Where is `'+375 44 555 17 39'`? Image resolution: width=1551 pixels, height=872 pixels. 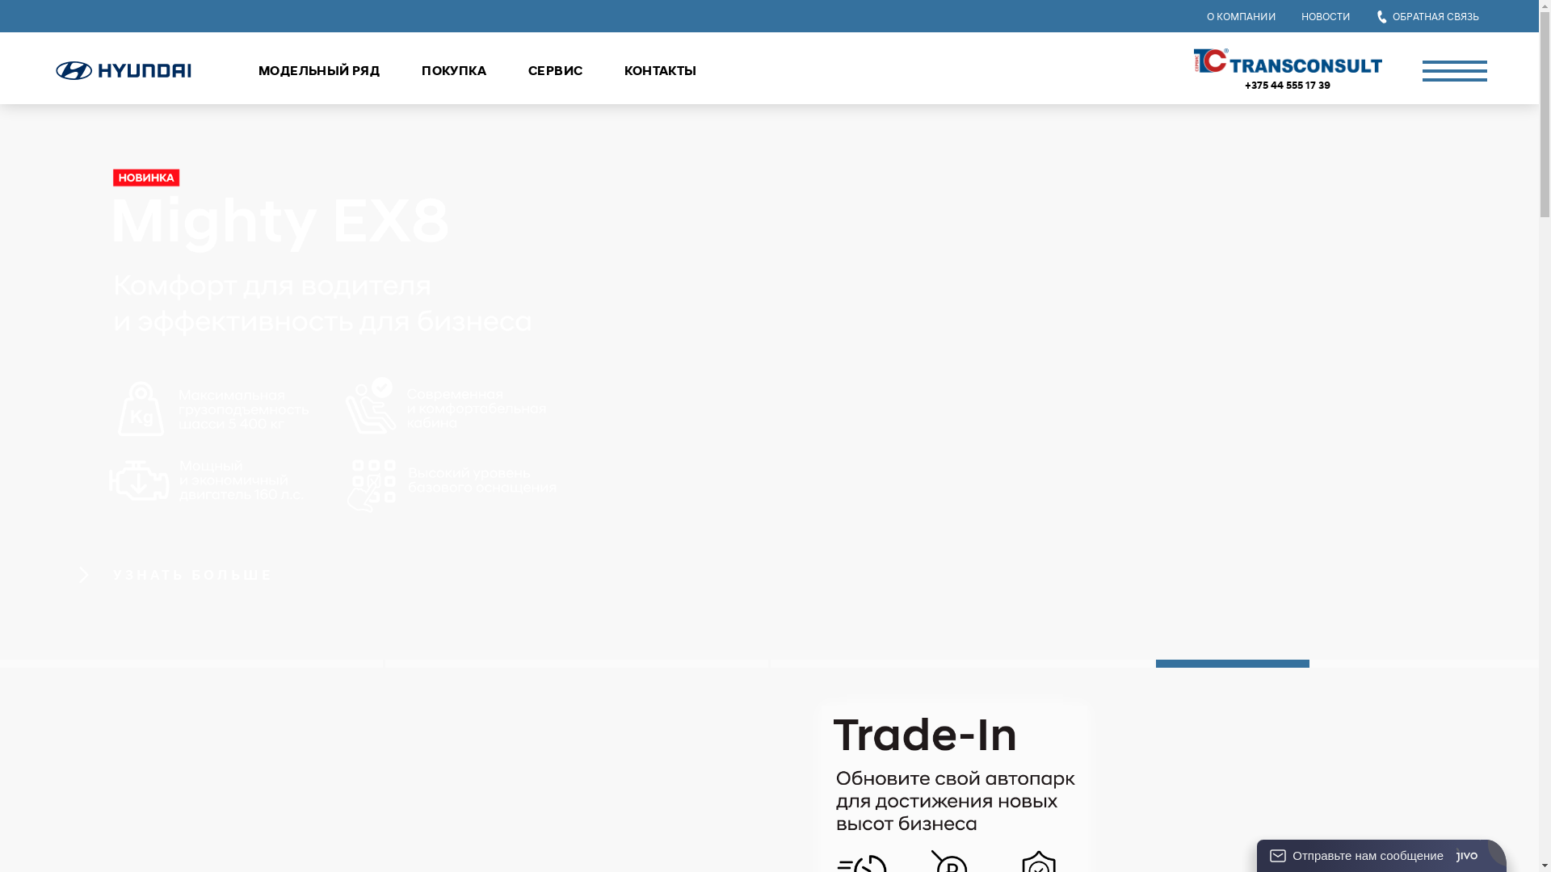 '+375 44 555 17 39' is located at coordinates (1286, 84).